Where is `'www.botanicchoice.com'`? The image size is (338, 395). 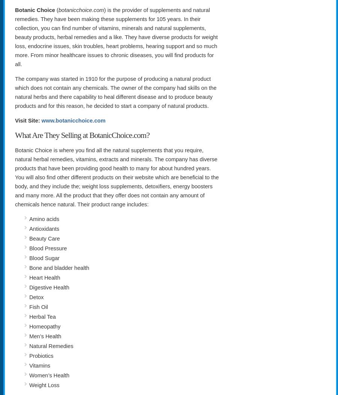
'www.botanicchoice.com' is located at coordinates (73, 120).